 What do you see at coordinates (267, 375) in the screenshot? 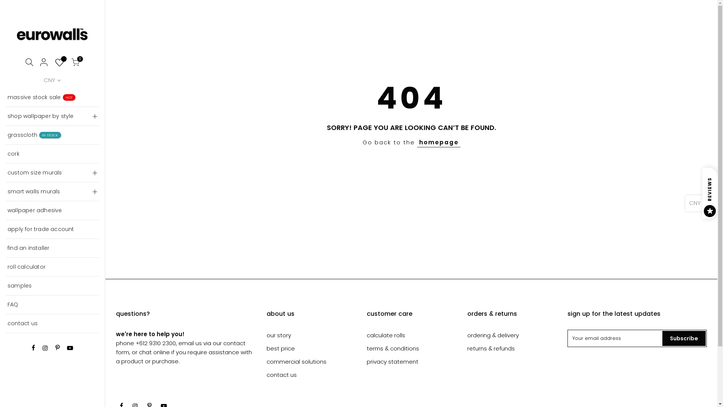
I see `'contact us'` at bounding box center [267, 375].